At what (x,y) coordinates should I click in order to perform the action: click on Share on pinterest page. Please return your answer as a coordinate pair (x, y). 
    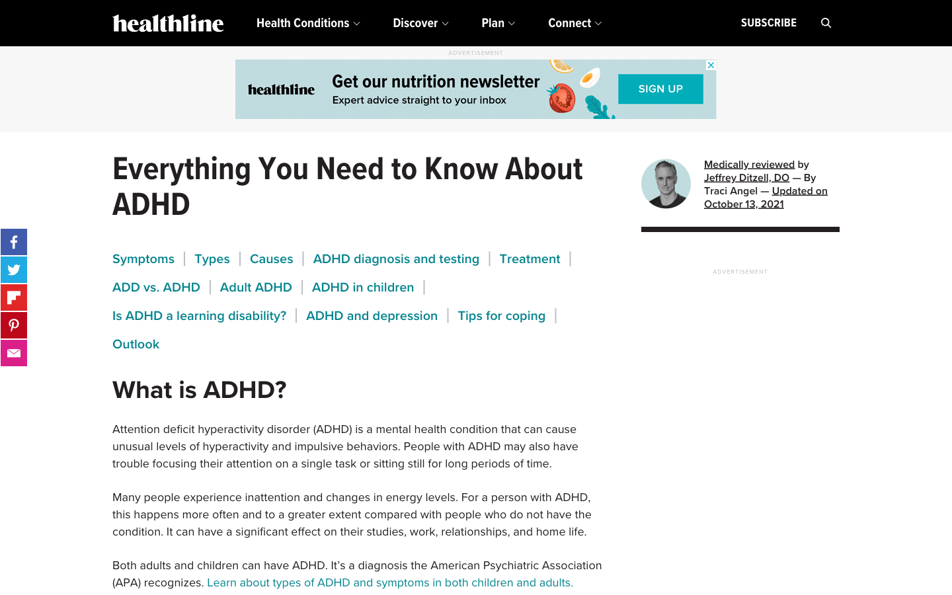
    Looking at the image, I should click on (13, 325).